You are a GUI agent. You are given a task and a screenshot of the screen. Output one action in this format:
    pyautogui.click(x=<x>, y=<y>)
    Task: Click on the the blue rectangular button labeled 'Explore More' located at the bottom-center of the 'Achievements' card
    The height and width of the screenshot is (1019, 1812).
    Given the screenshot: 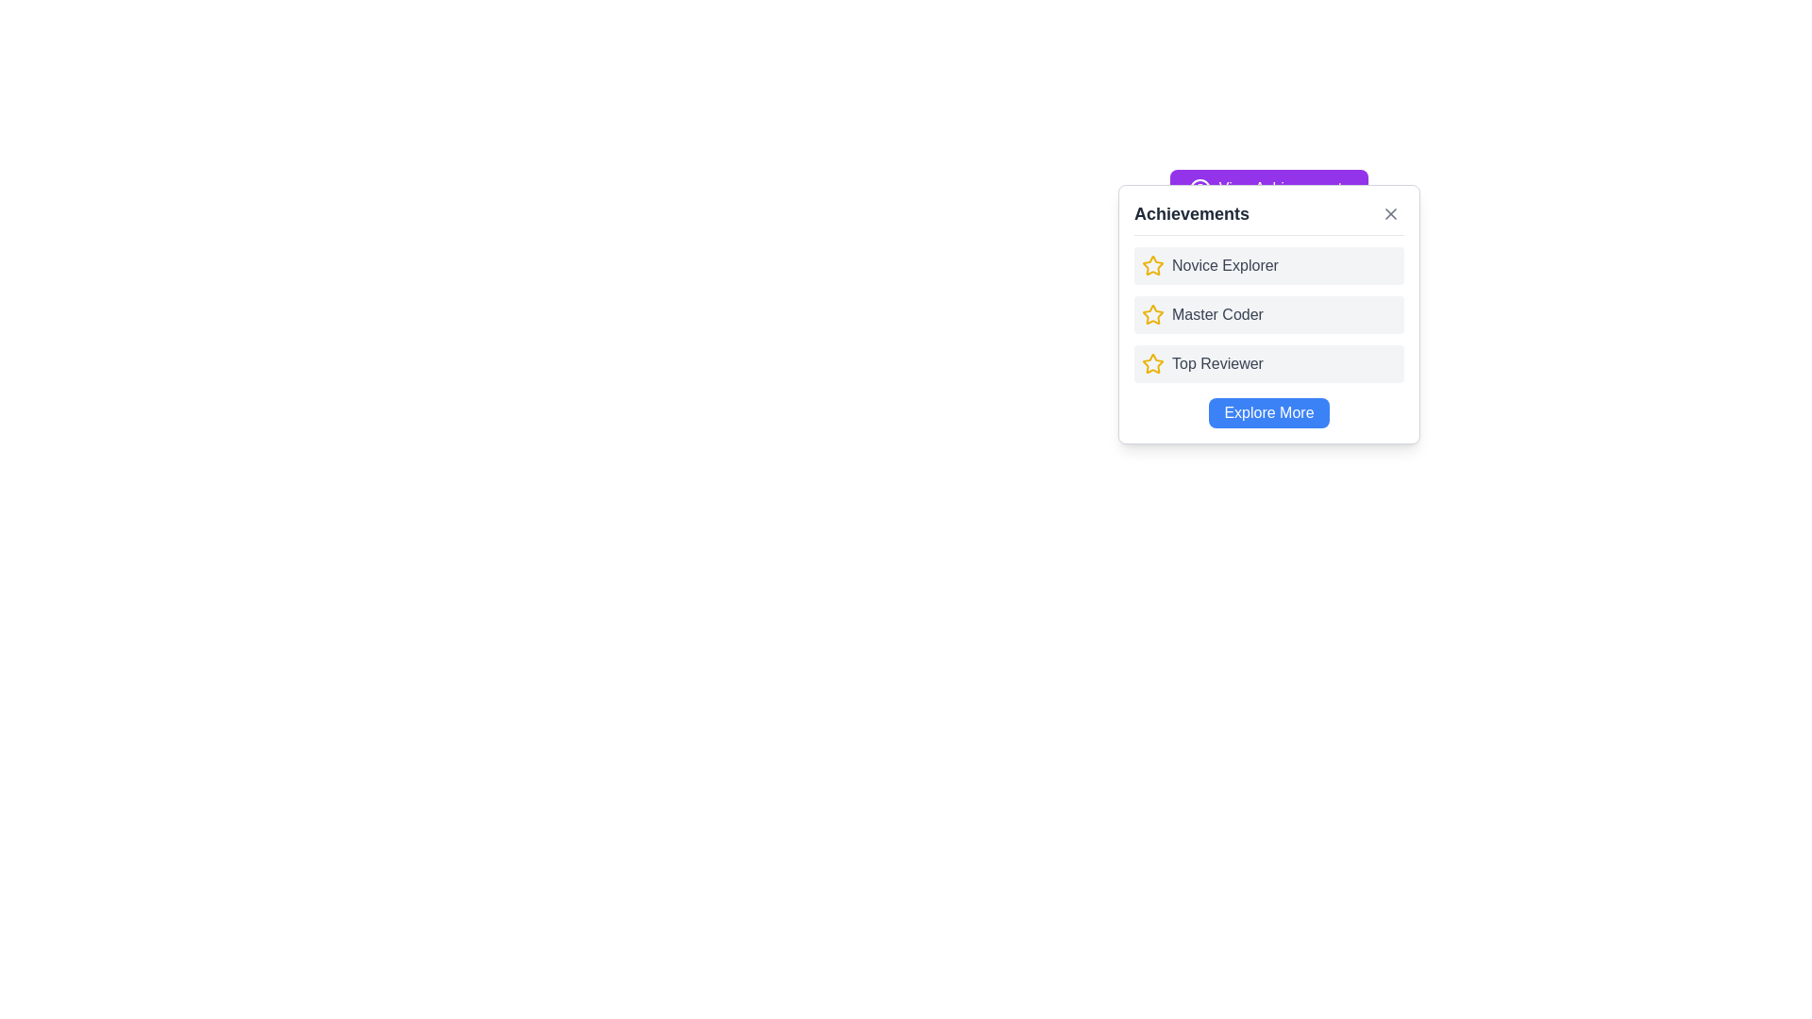 What is the action you would take?
    pyautogui.click(x=1268, y=412)
    